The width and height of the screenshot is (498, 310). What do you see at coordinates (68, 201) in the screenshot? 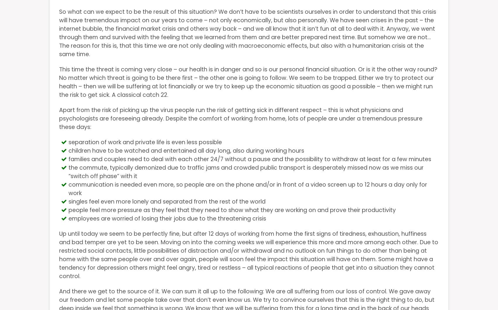
I see `'singles feel even more lonely and separated from the rest of the world'` at bounding box center [68, 201].